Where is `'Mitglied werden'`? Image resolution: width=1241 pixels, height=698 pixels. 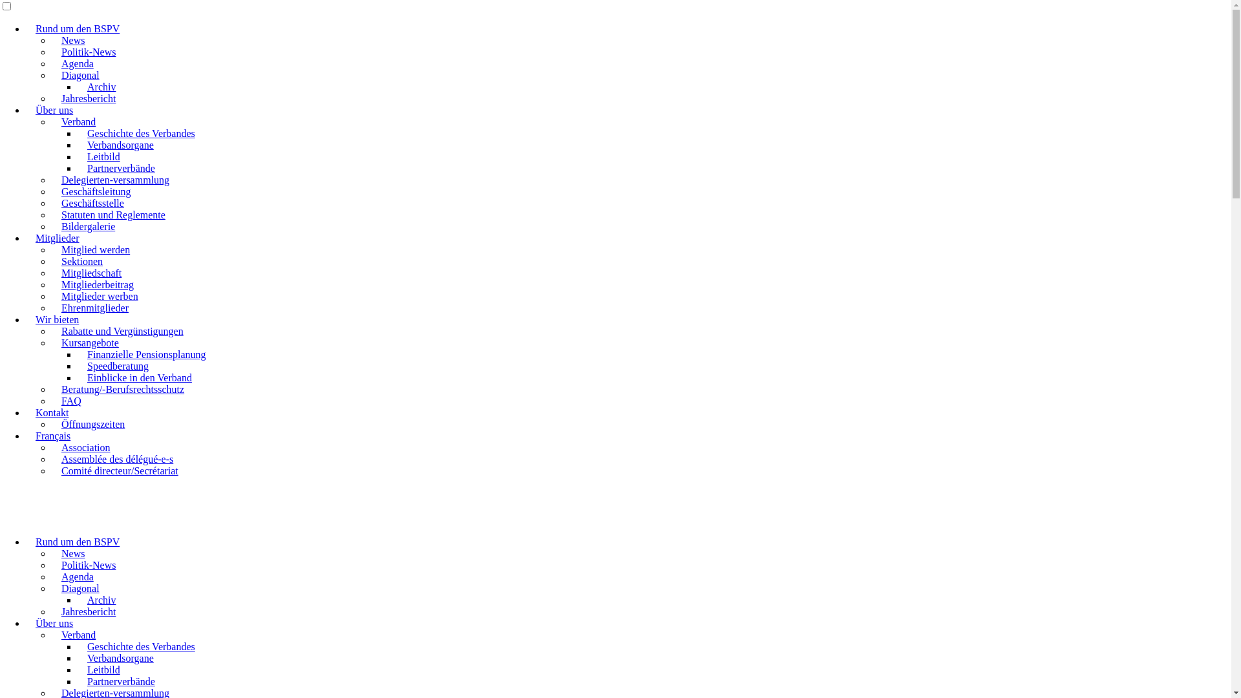
'Mitglied werden' is located at coordinates (95, 249).